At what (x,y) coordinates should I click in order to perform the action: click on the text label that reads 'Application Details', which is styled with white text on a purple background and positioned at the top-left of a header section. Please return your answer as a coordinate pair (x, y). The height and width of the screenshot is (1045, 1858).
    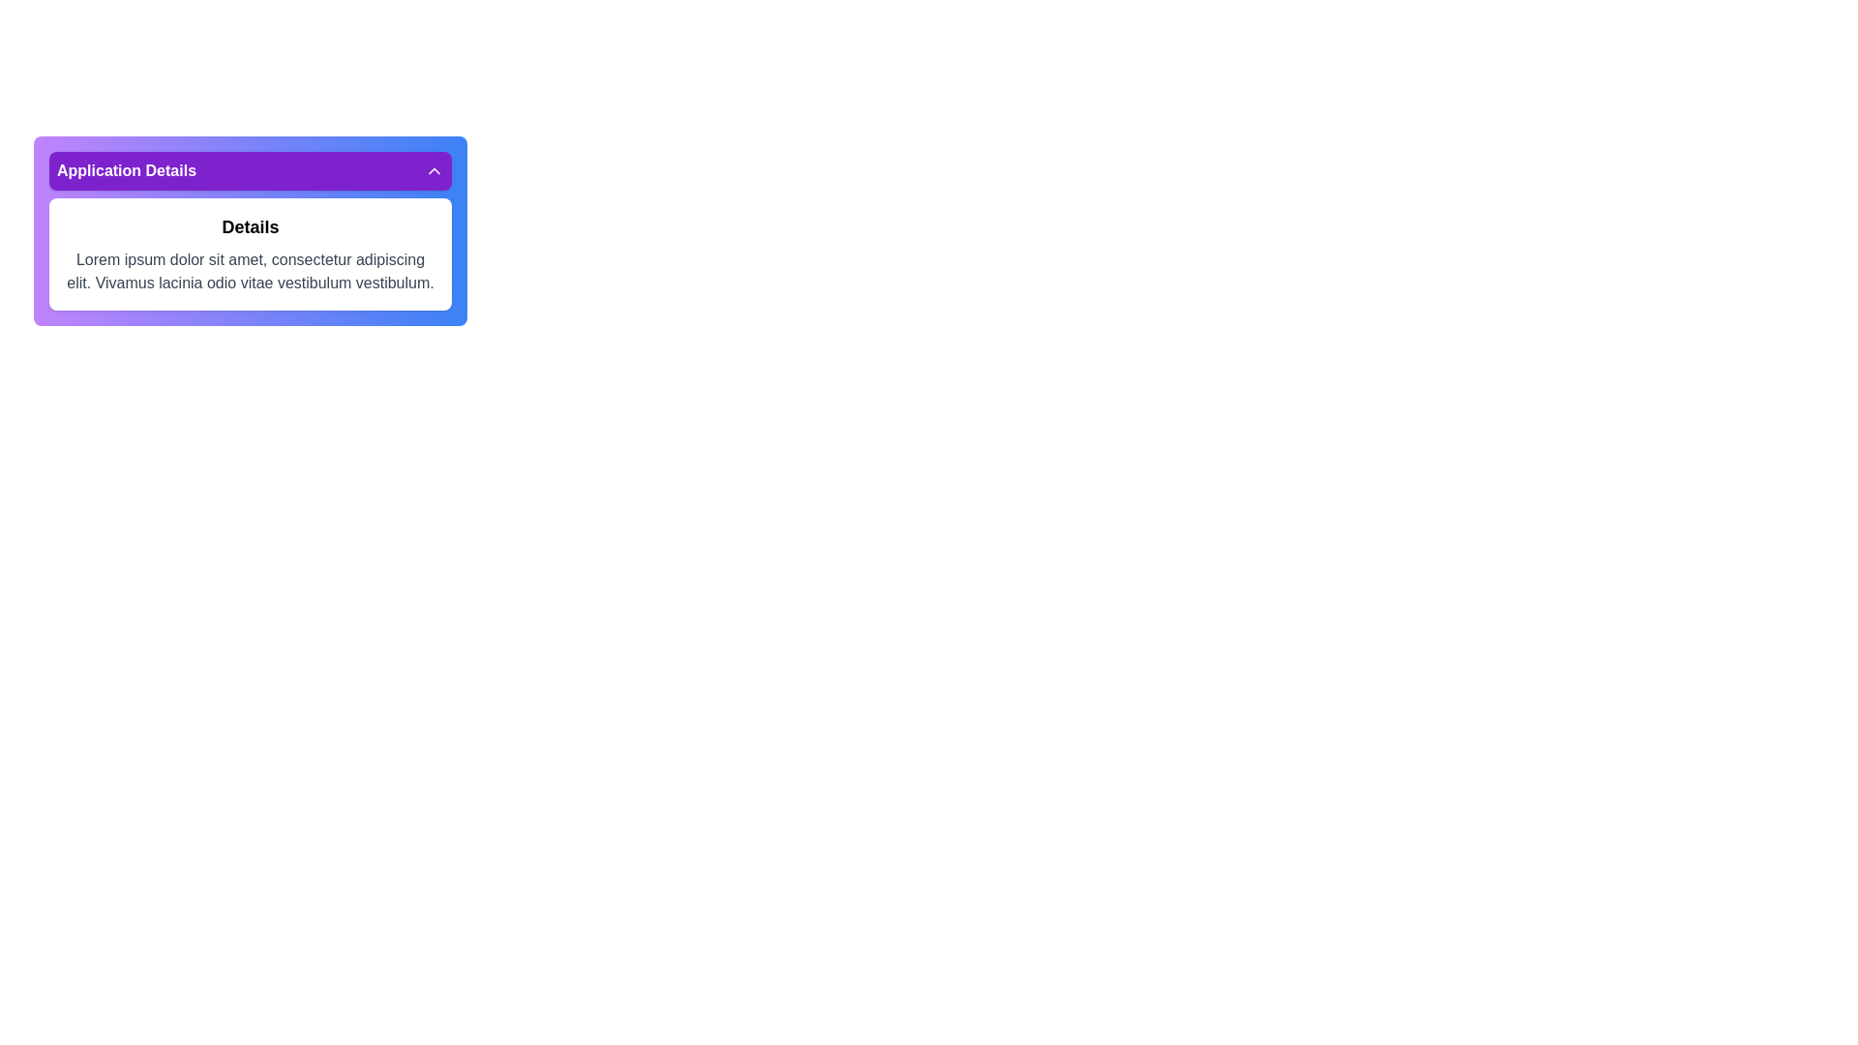
    Looking at the image, I should click on (125, 170).